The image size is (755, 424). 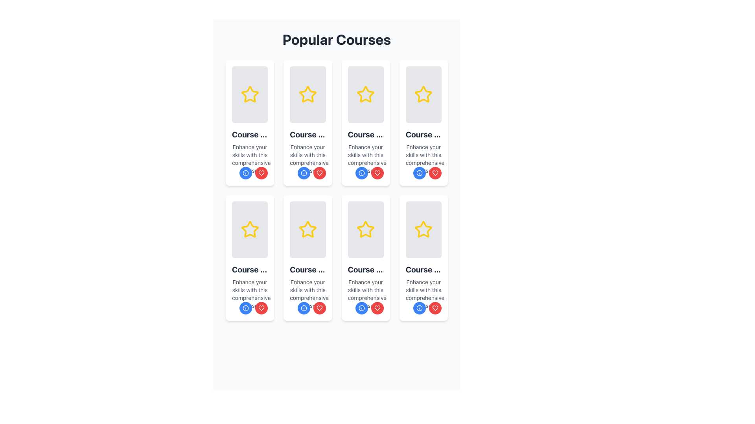 I want to click on the second button in the horizontal stack located at the bottom right corner of the course card, so click(x=369, y=308).